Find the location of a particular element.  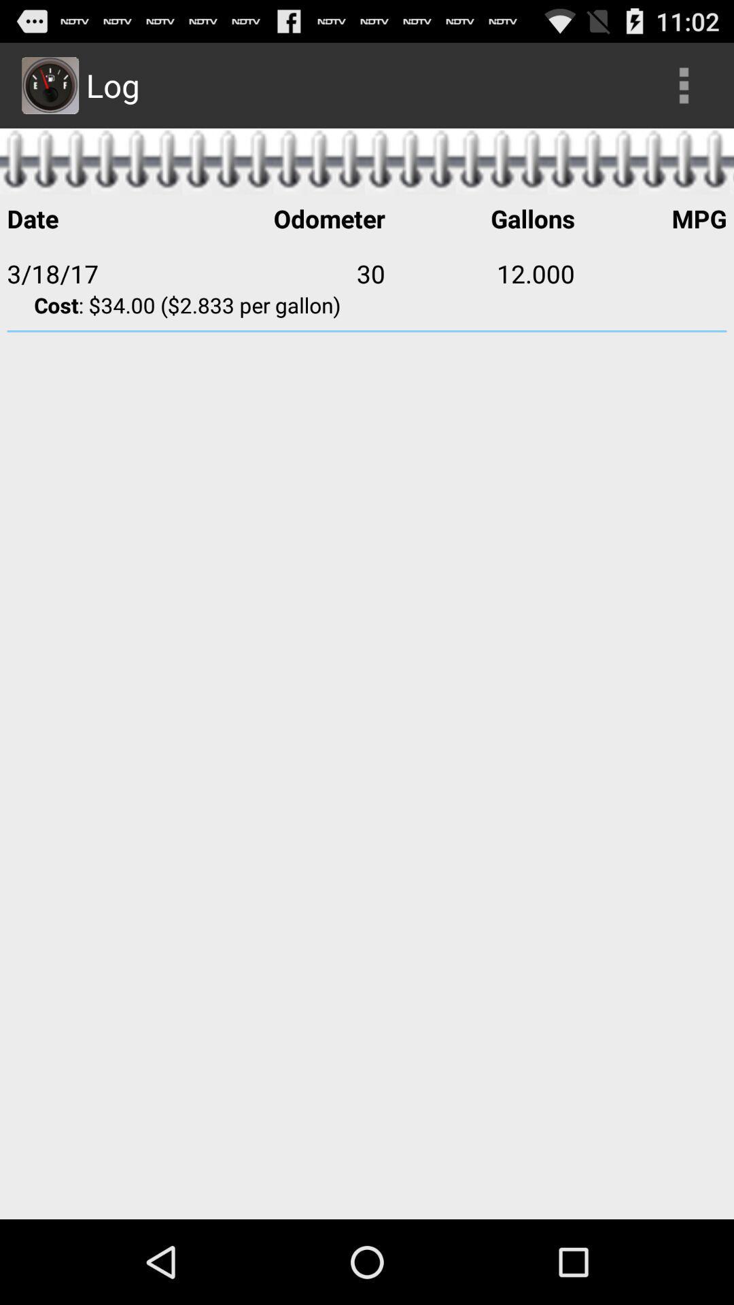

the app next to the 3/18/17 icon is located at coordinates (290, 273).